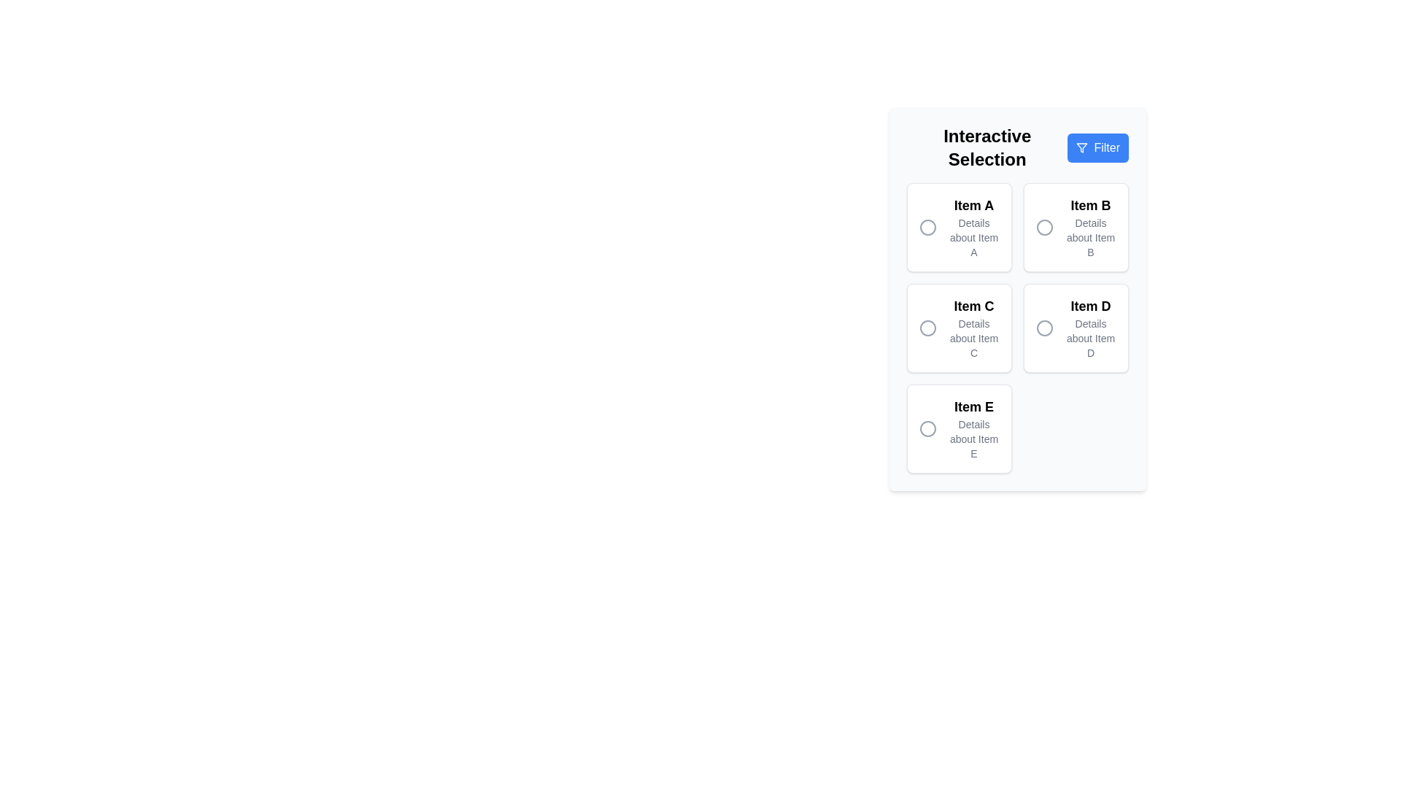  What do you see at coordinates (927, 328) in the screenshot?
I see `the circular radio button located in the middle of the rectangular region labeled 'Item C'` at bounding box center [927, 328].